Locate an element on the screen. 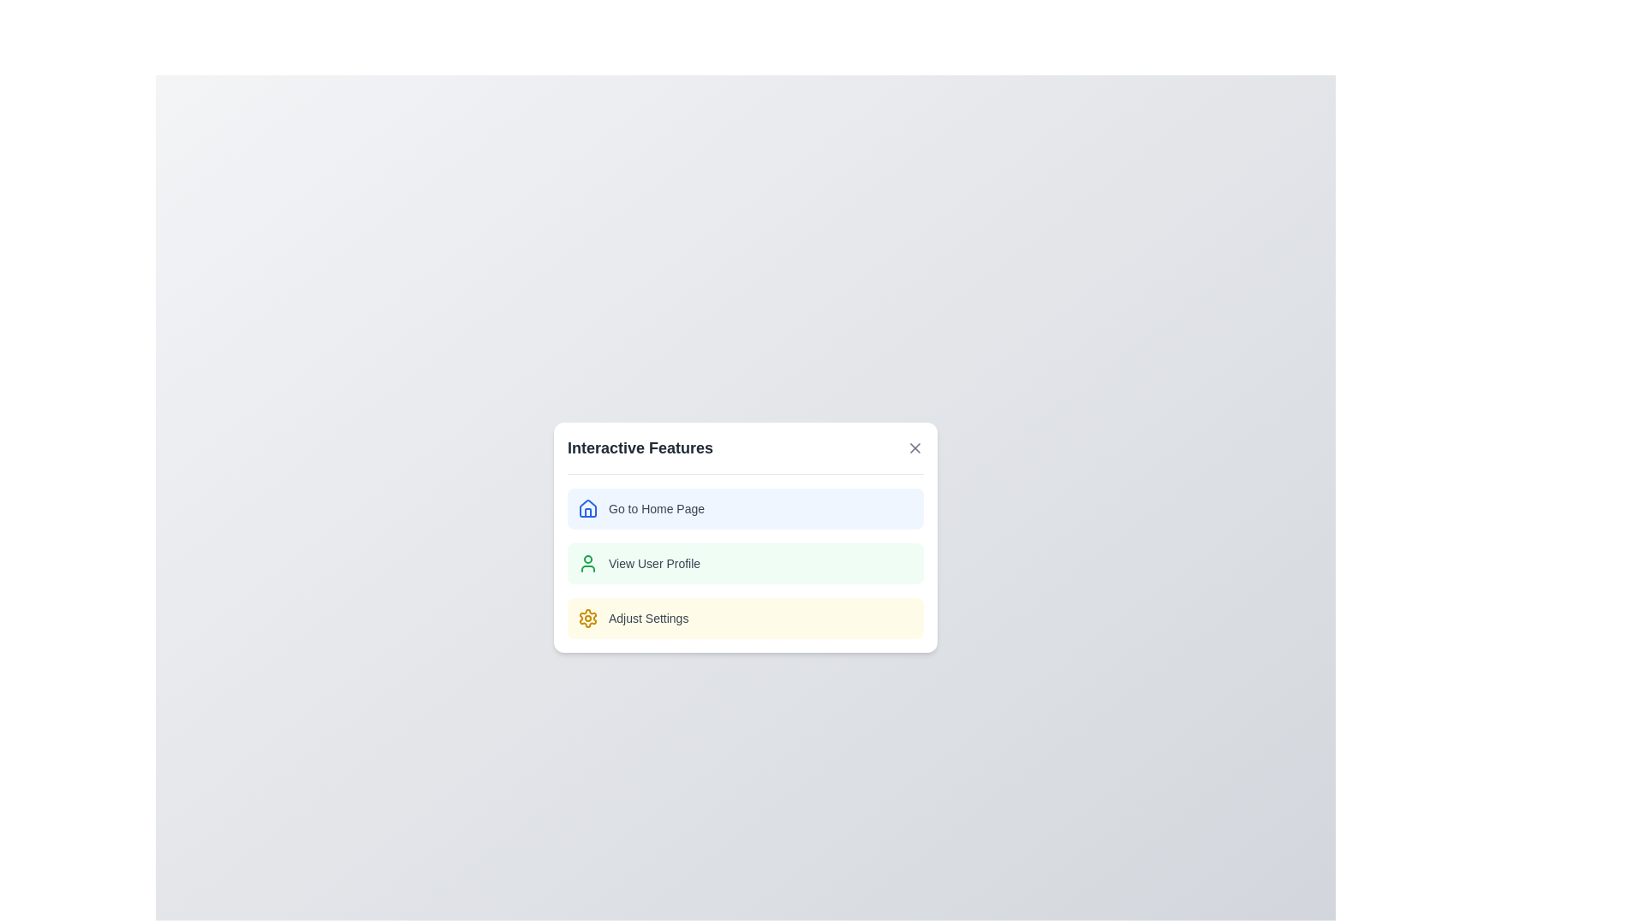 Image resolution: width=1644 pixels, height=924 pixels. the text label displaying 'View User Profile' located next to the user silhouette icon within the 'Interactive Features' selection box is located at coordinates (653, 563).